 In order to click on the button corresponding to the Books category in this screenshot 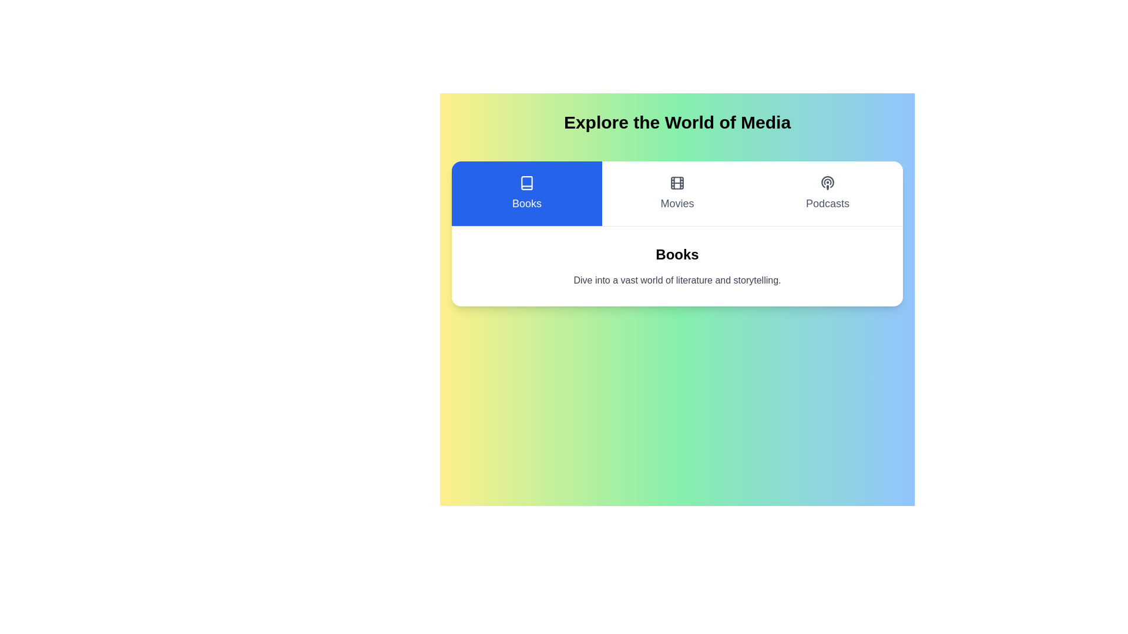, I will do `click(526, 193)`.